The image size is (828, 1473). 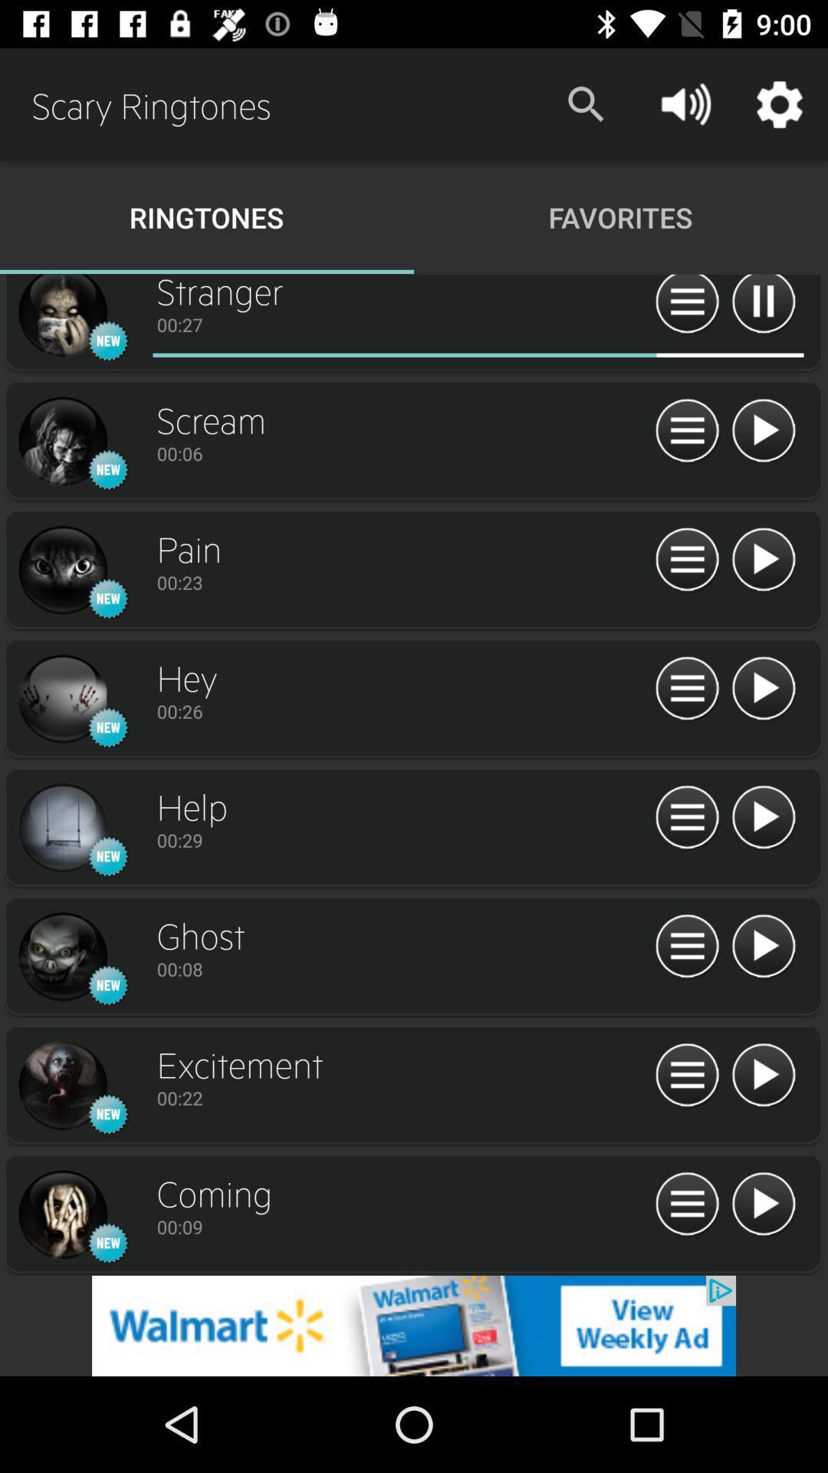 I want to click on picture, so click(x=61, y=570).